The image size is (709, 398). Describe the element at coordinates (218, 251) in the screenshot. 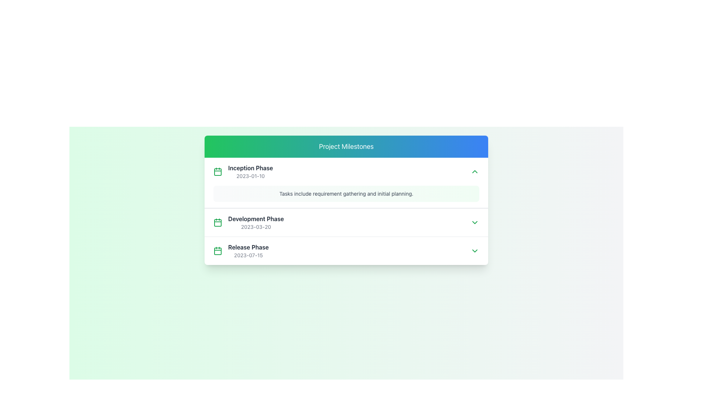

I see `the decorative icon located at the leftmost side of the 'Release Phase' section, which serves as an indicator for the associated milestone` at that location.